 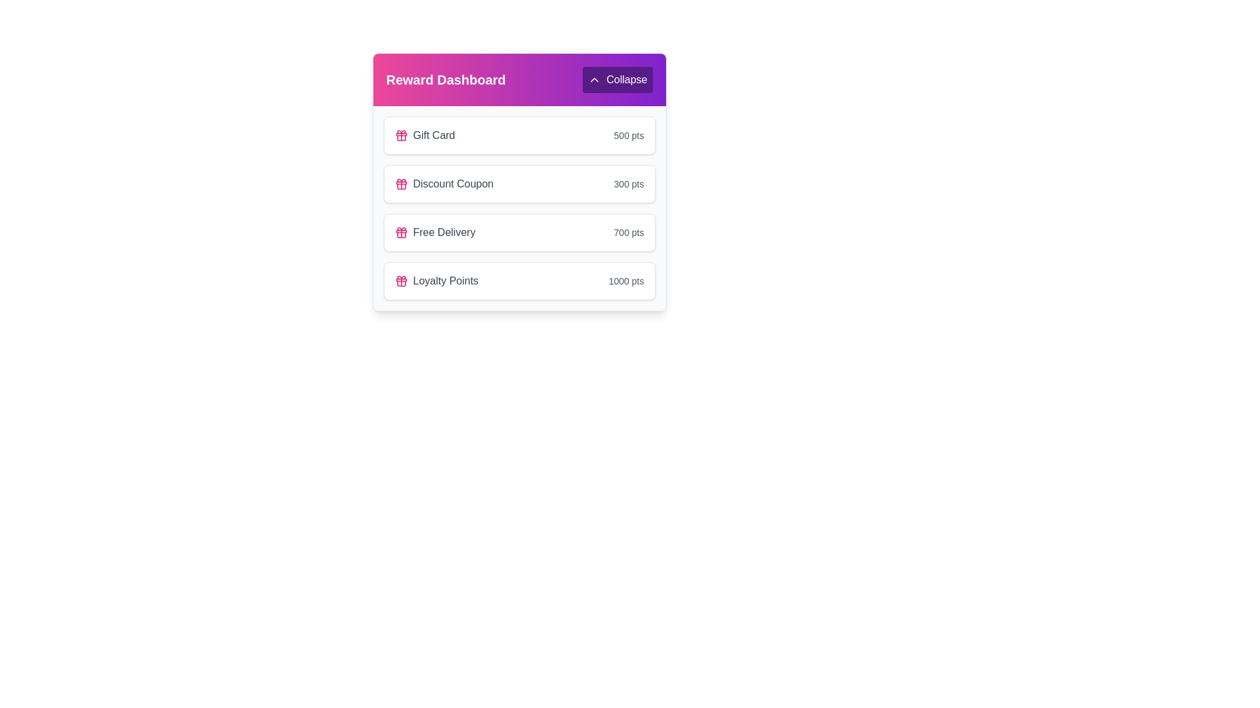 I want to click on the List item card that represents an item, so click(x=518, y=231).